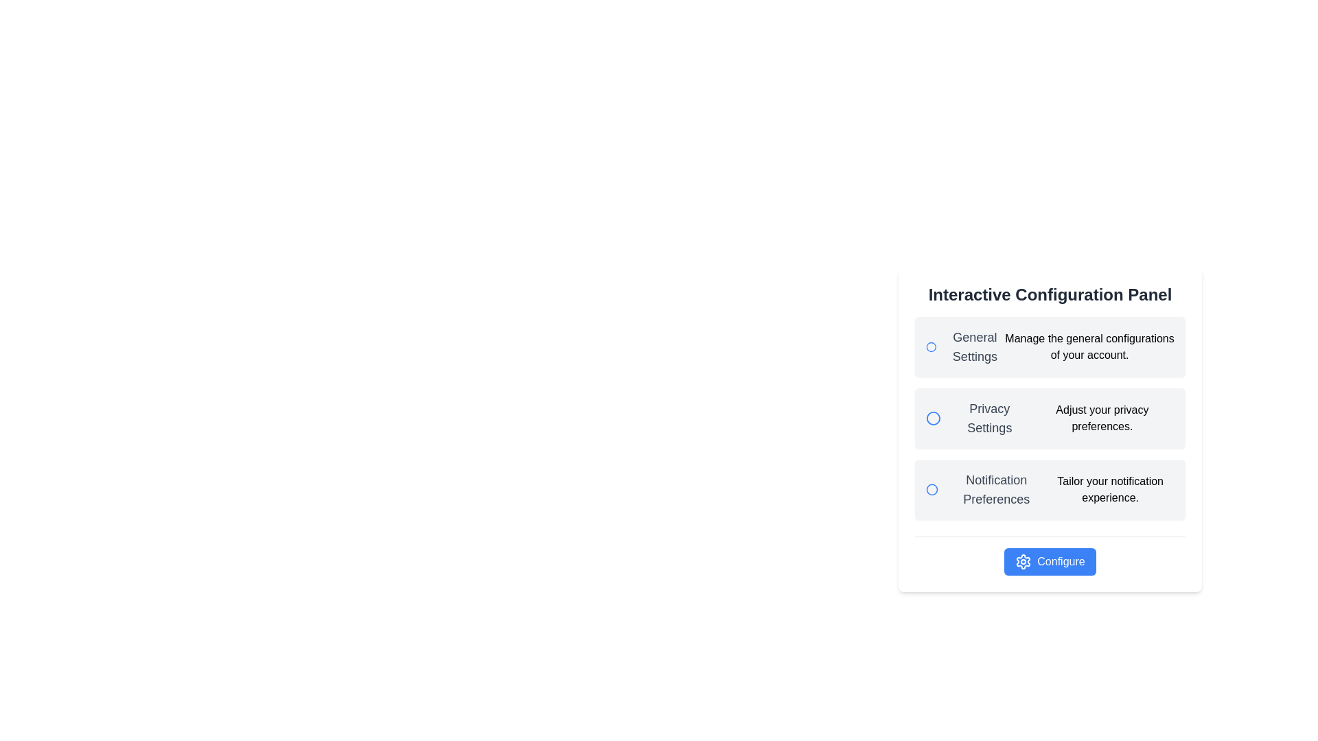  Describe the element at coordinates (1024, 561) in the screenshot. I see `the gear icon with a blue background located to the left of the 'Configure' button text` at that location.